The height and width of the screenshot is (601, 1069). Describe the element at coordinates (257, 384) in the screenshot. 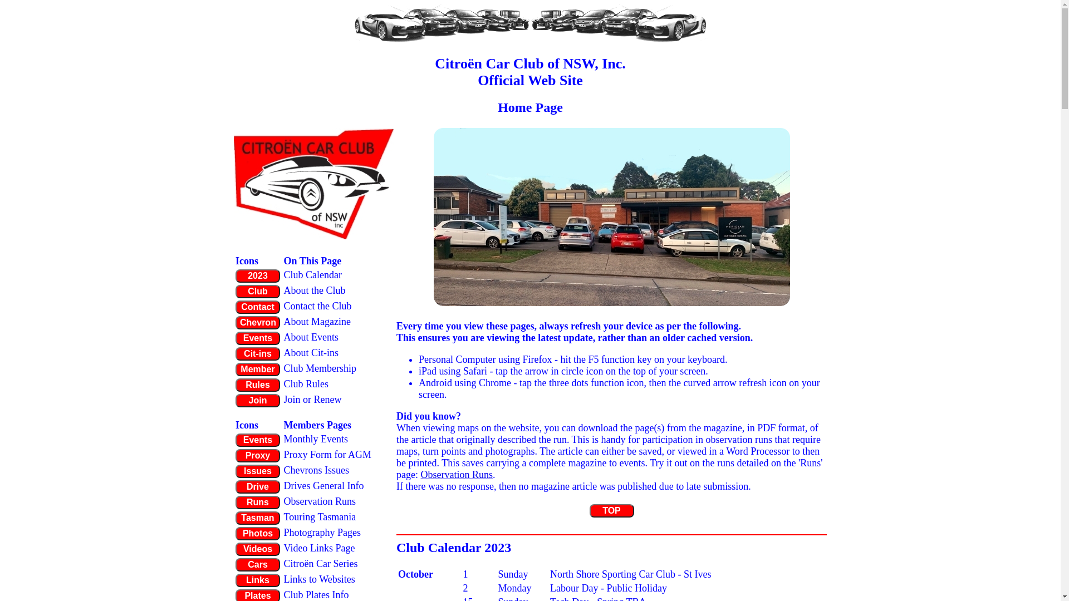

I see `'Rules'` at that location.